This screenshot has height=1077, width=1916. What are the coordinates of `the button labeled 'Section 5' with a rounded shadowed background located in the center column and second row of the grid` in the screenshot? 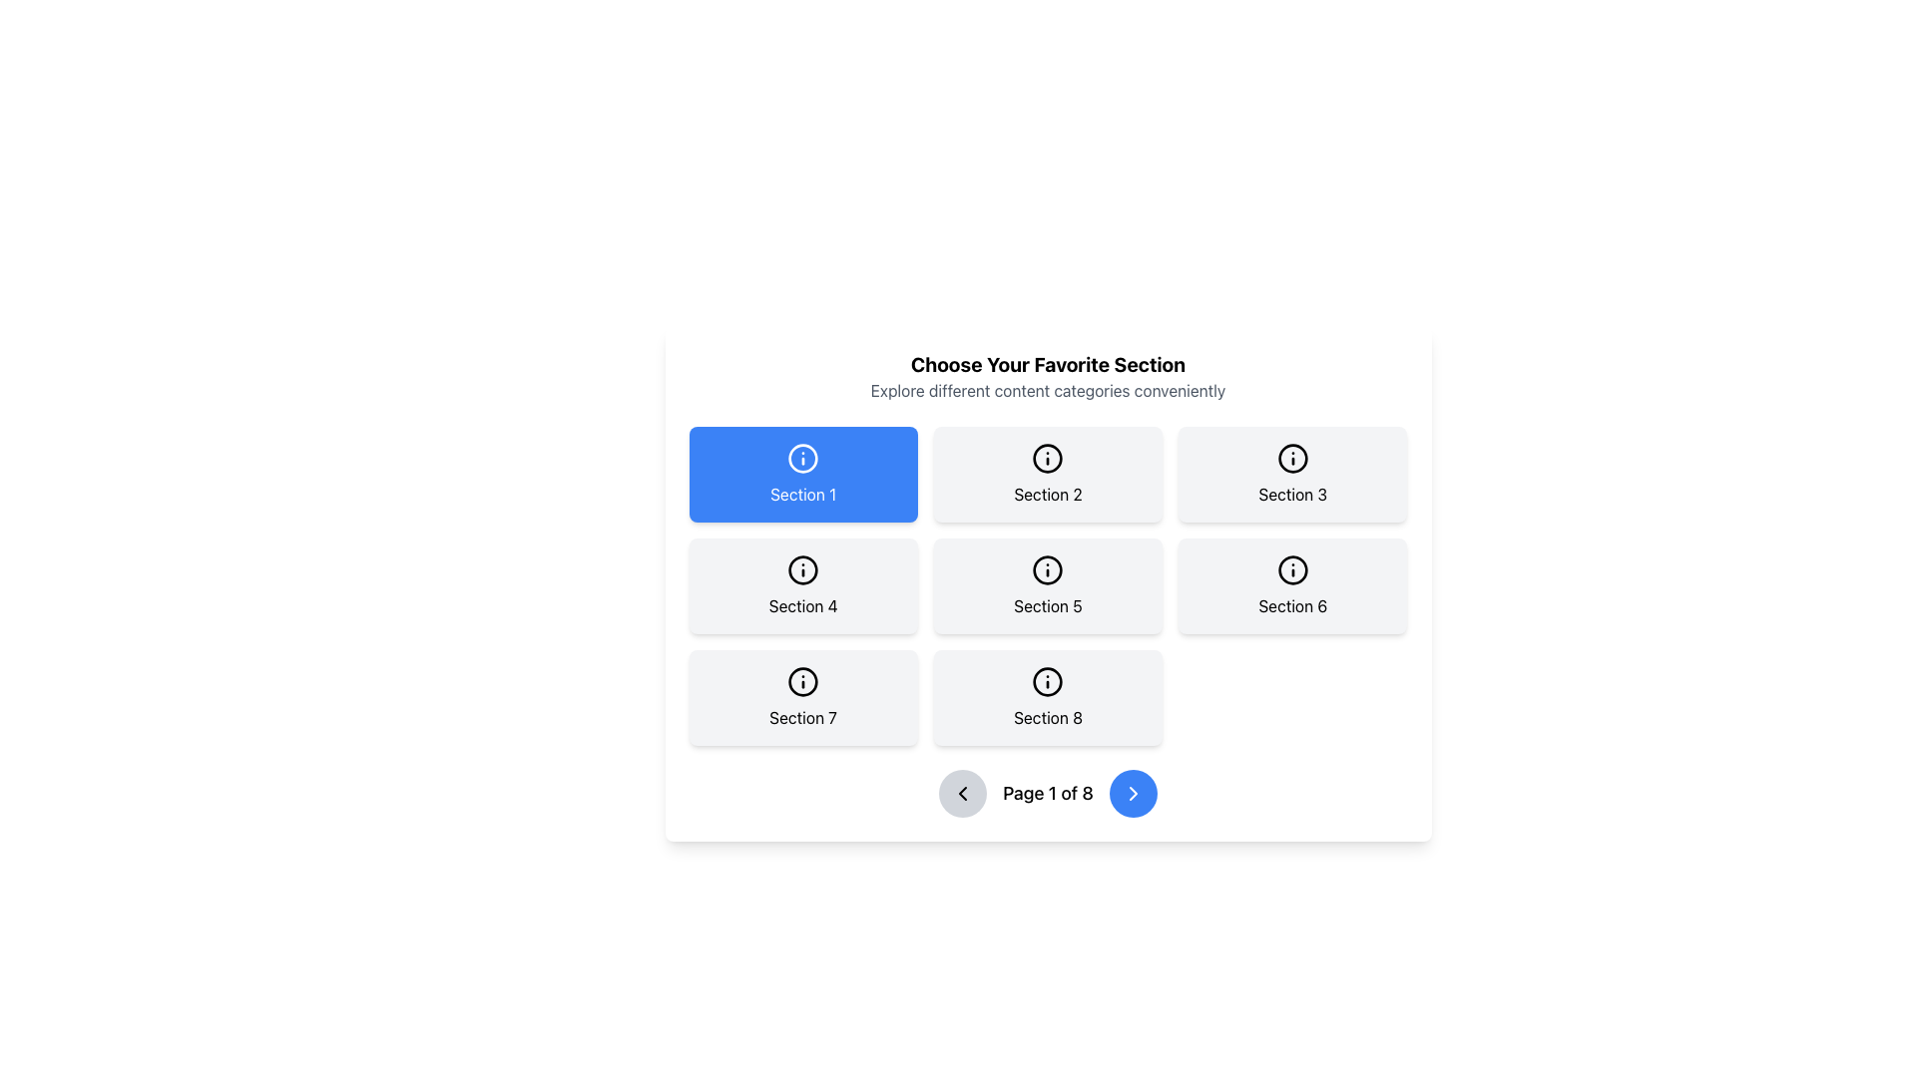 It's located at (1047, 584).